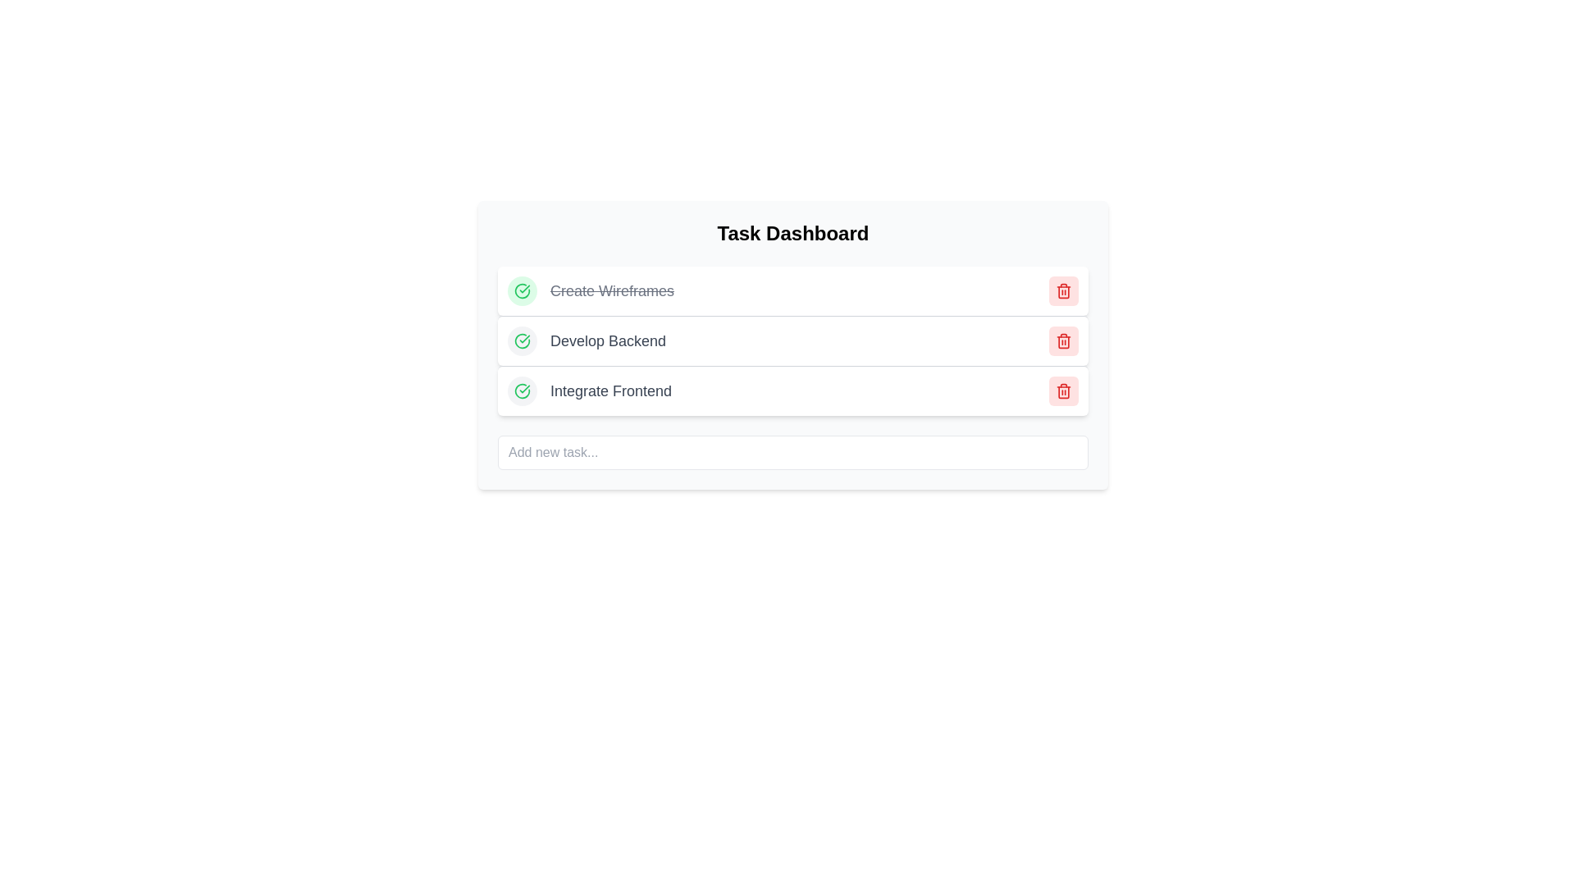 The height and width of the screenshot is (886, 1575). I want to click on the text 'Integrate Frontend' in the task list item, which is visually represented by a green circular icon with a check mark on the left, so click(590, 391).